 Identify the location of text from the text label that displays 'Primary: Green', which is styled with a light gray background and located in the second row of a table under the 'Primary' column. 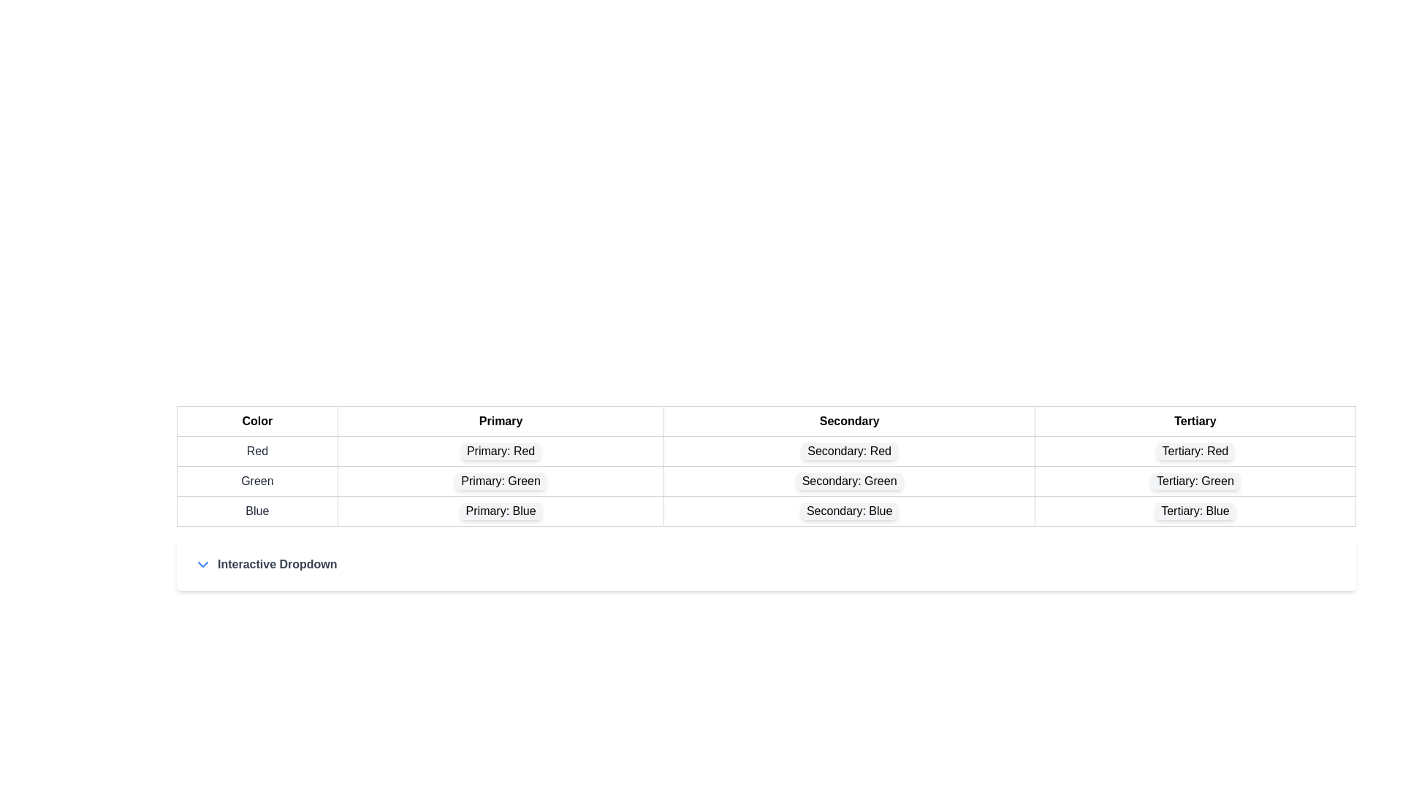
(501, 481).